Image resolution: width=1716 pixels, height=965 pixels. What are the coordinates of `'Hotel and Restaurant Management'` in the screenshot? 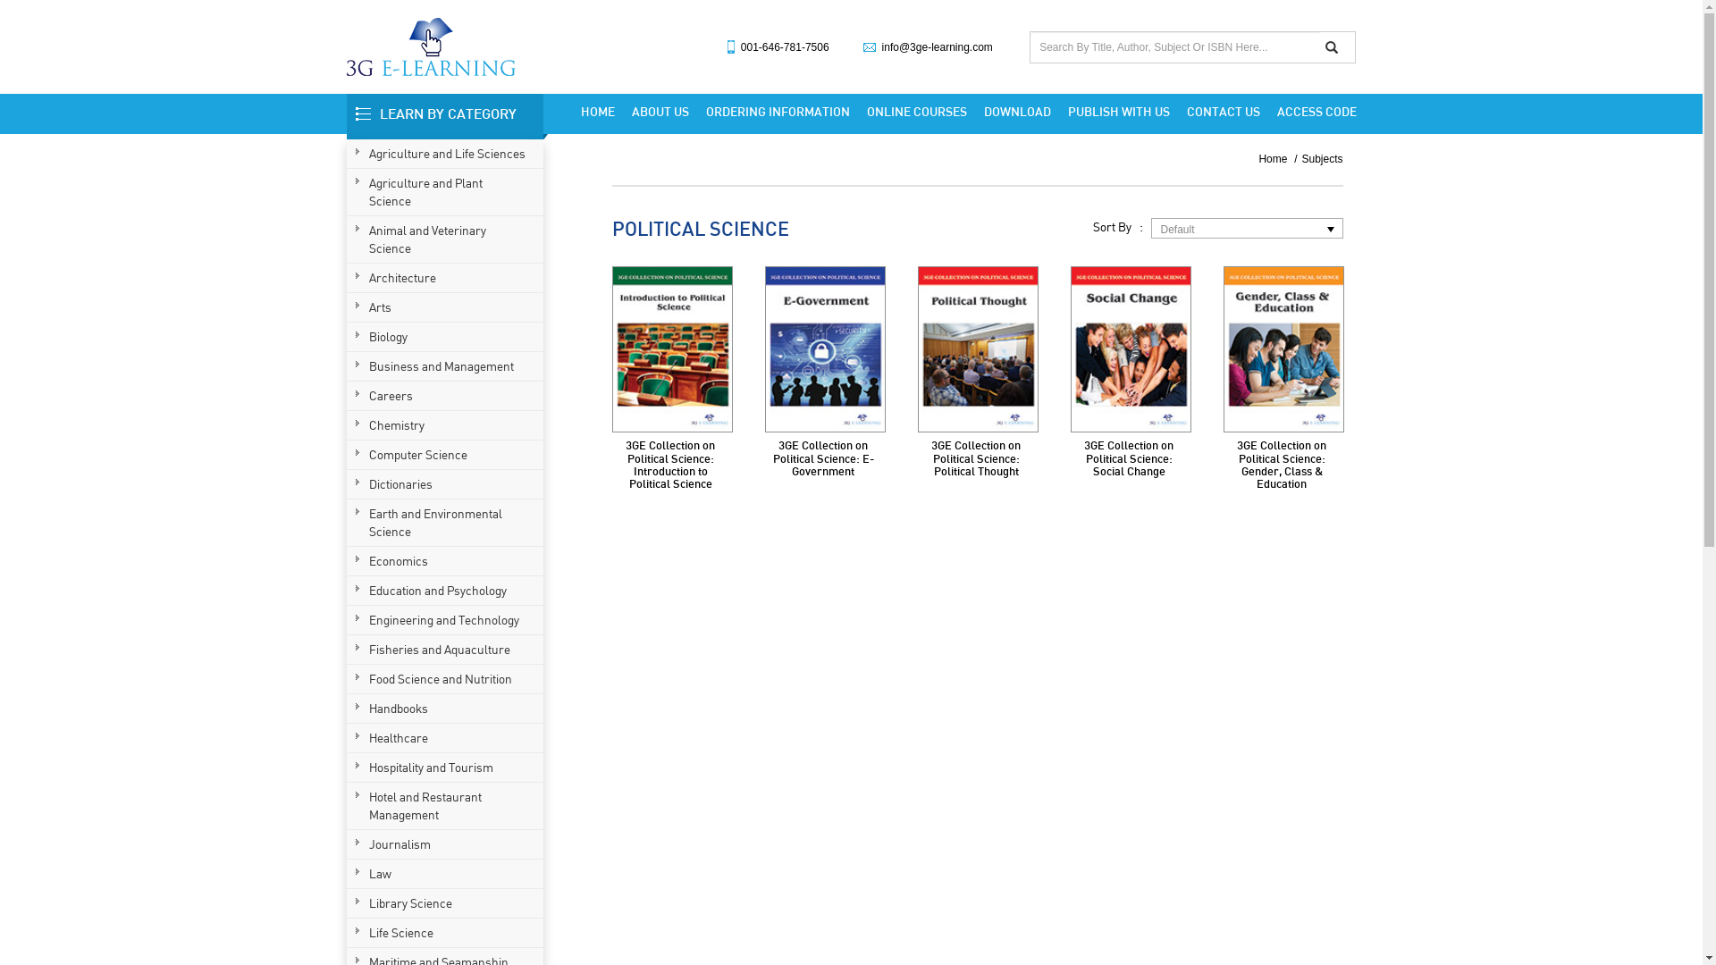 It's located at (446, 806).